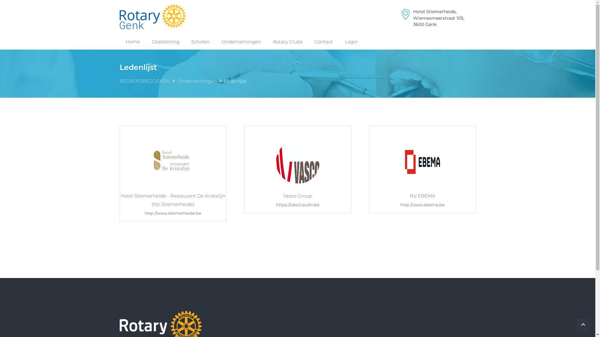  Describe the element at coordinates (184, 42) in the screenshot. I see `'Scholen'` at that location.